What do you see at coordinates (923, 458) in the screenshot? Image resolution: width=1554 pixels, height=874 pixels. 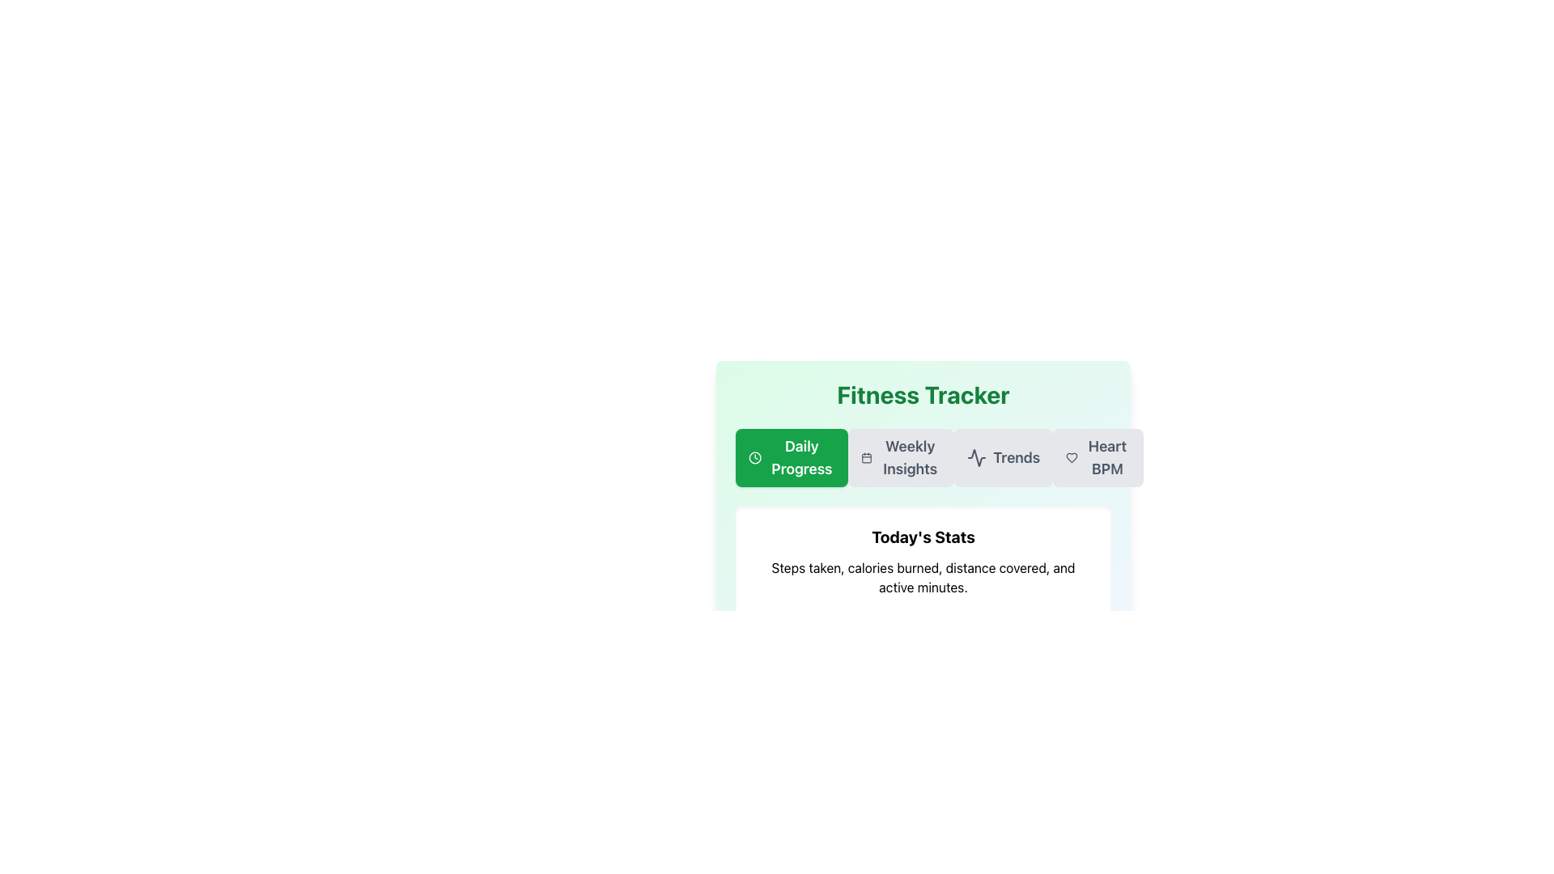 I see `the 'Weekly Insights' button with a calendar icon` at bounding box center [923, 458].